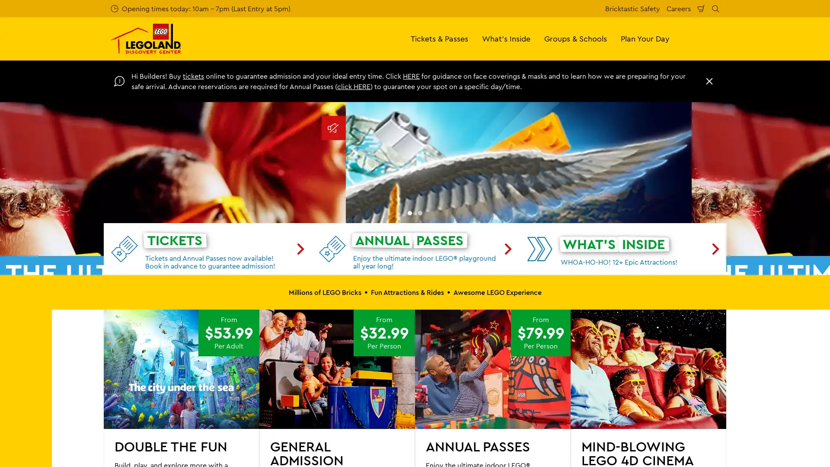 The height and width of the screenshot is (467, 830). What do you see at coordinates (701, 8) in the screenshot?
I see `Shopping Cart` at bounding box center [701, 8].